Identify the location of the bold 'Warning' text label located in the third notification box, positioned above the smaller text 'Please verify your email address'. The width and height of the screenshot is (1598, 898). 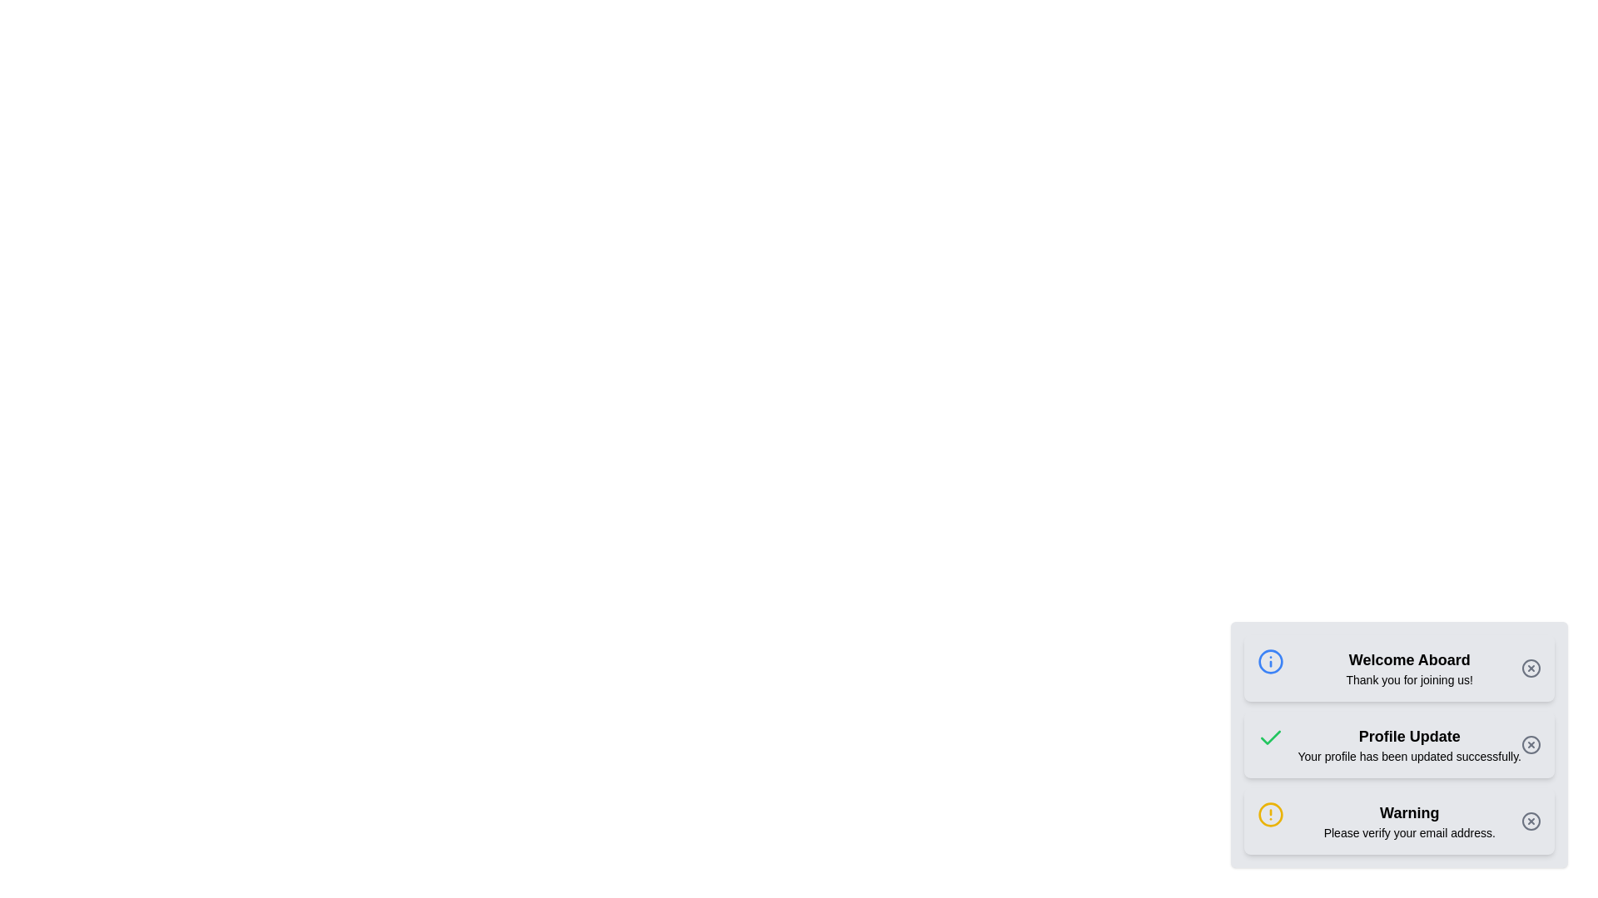
(1408, 812).